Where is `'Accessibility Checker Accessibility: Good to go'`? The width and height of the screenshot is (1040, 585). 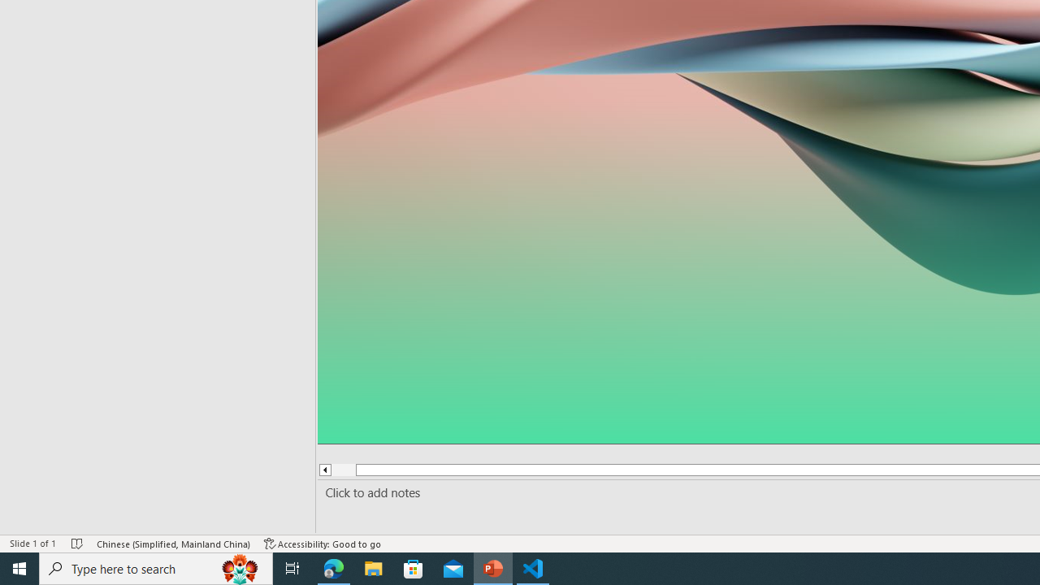 'Accessibility Checker Accessibility: Good to go' is located at coordinates (323, 544).